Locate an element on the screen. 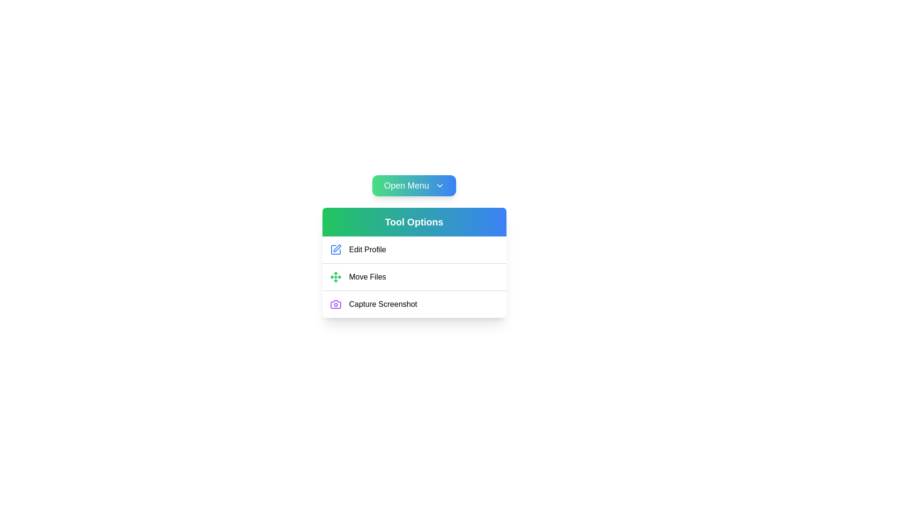 The image size is (920, 517). the camera icon with a purple outline that is located to the left of the 'Capture Screenshot' text for accessibility navigation is located at coordinates (335, 304).